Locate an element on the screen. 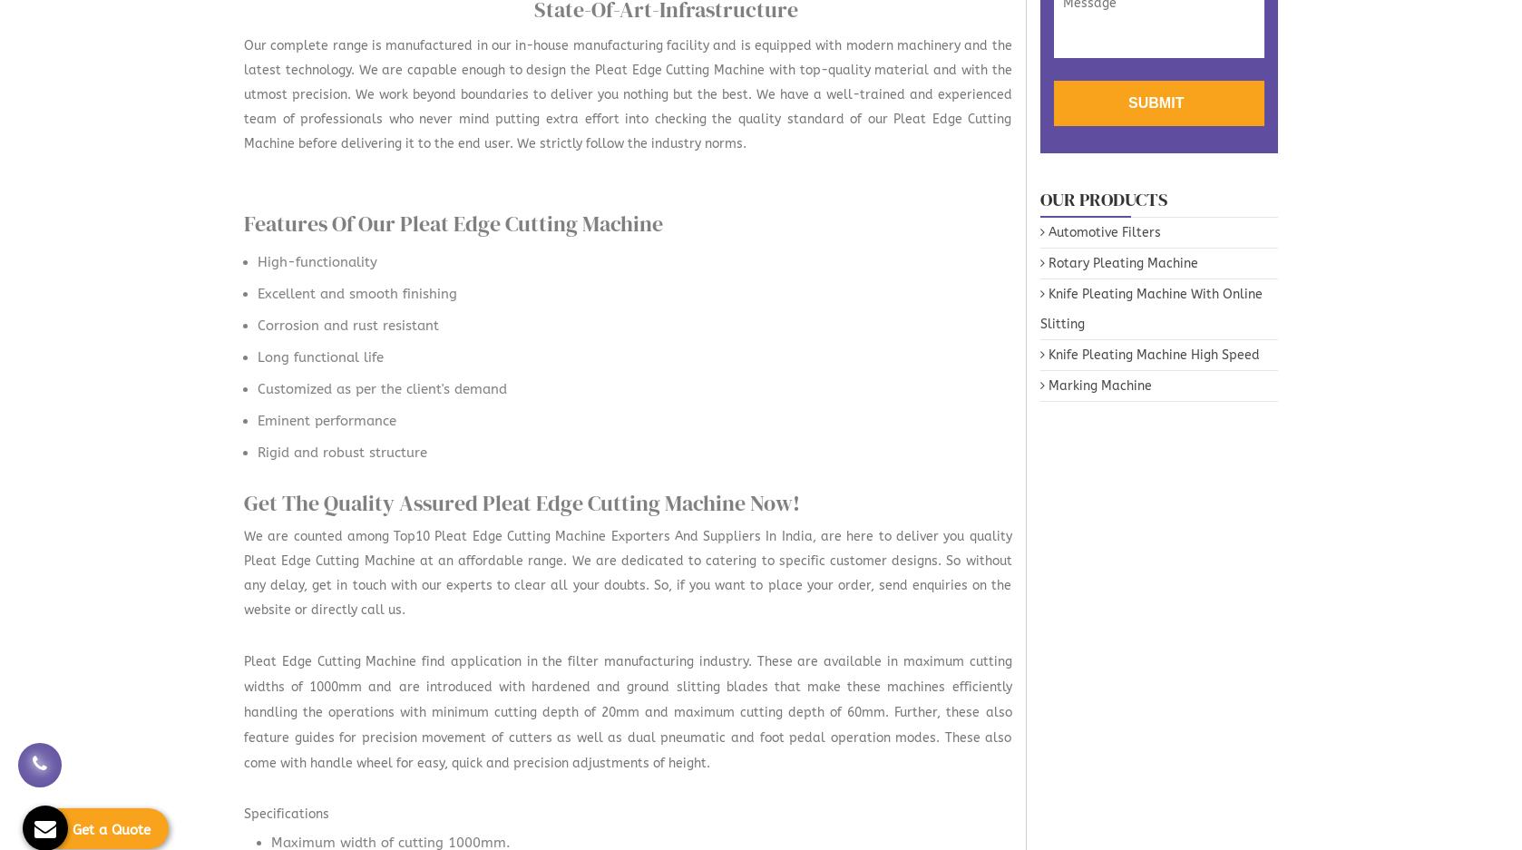 The height and width of the screenshot is (850, 1522). 'Get a Quote' is located at coordinates (111, 829).